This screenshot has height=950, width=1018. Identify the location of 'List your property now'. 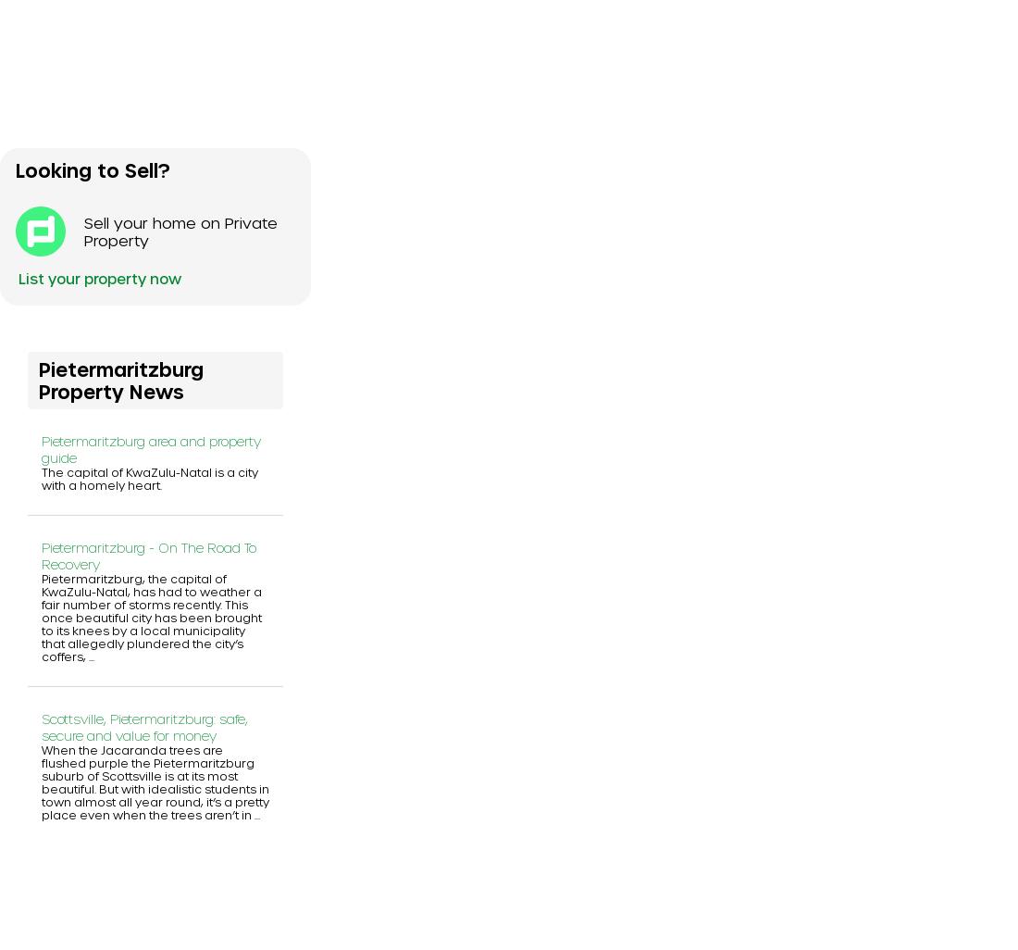
(100, 277).